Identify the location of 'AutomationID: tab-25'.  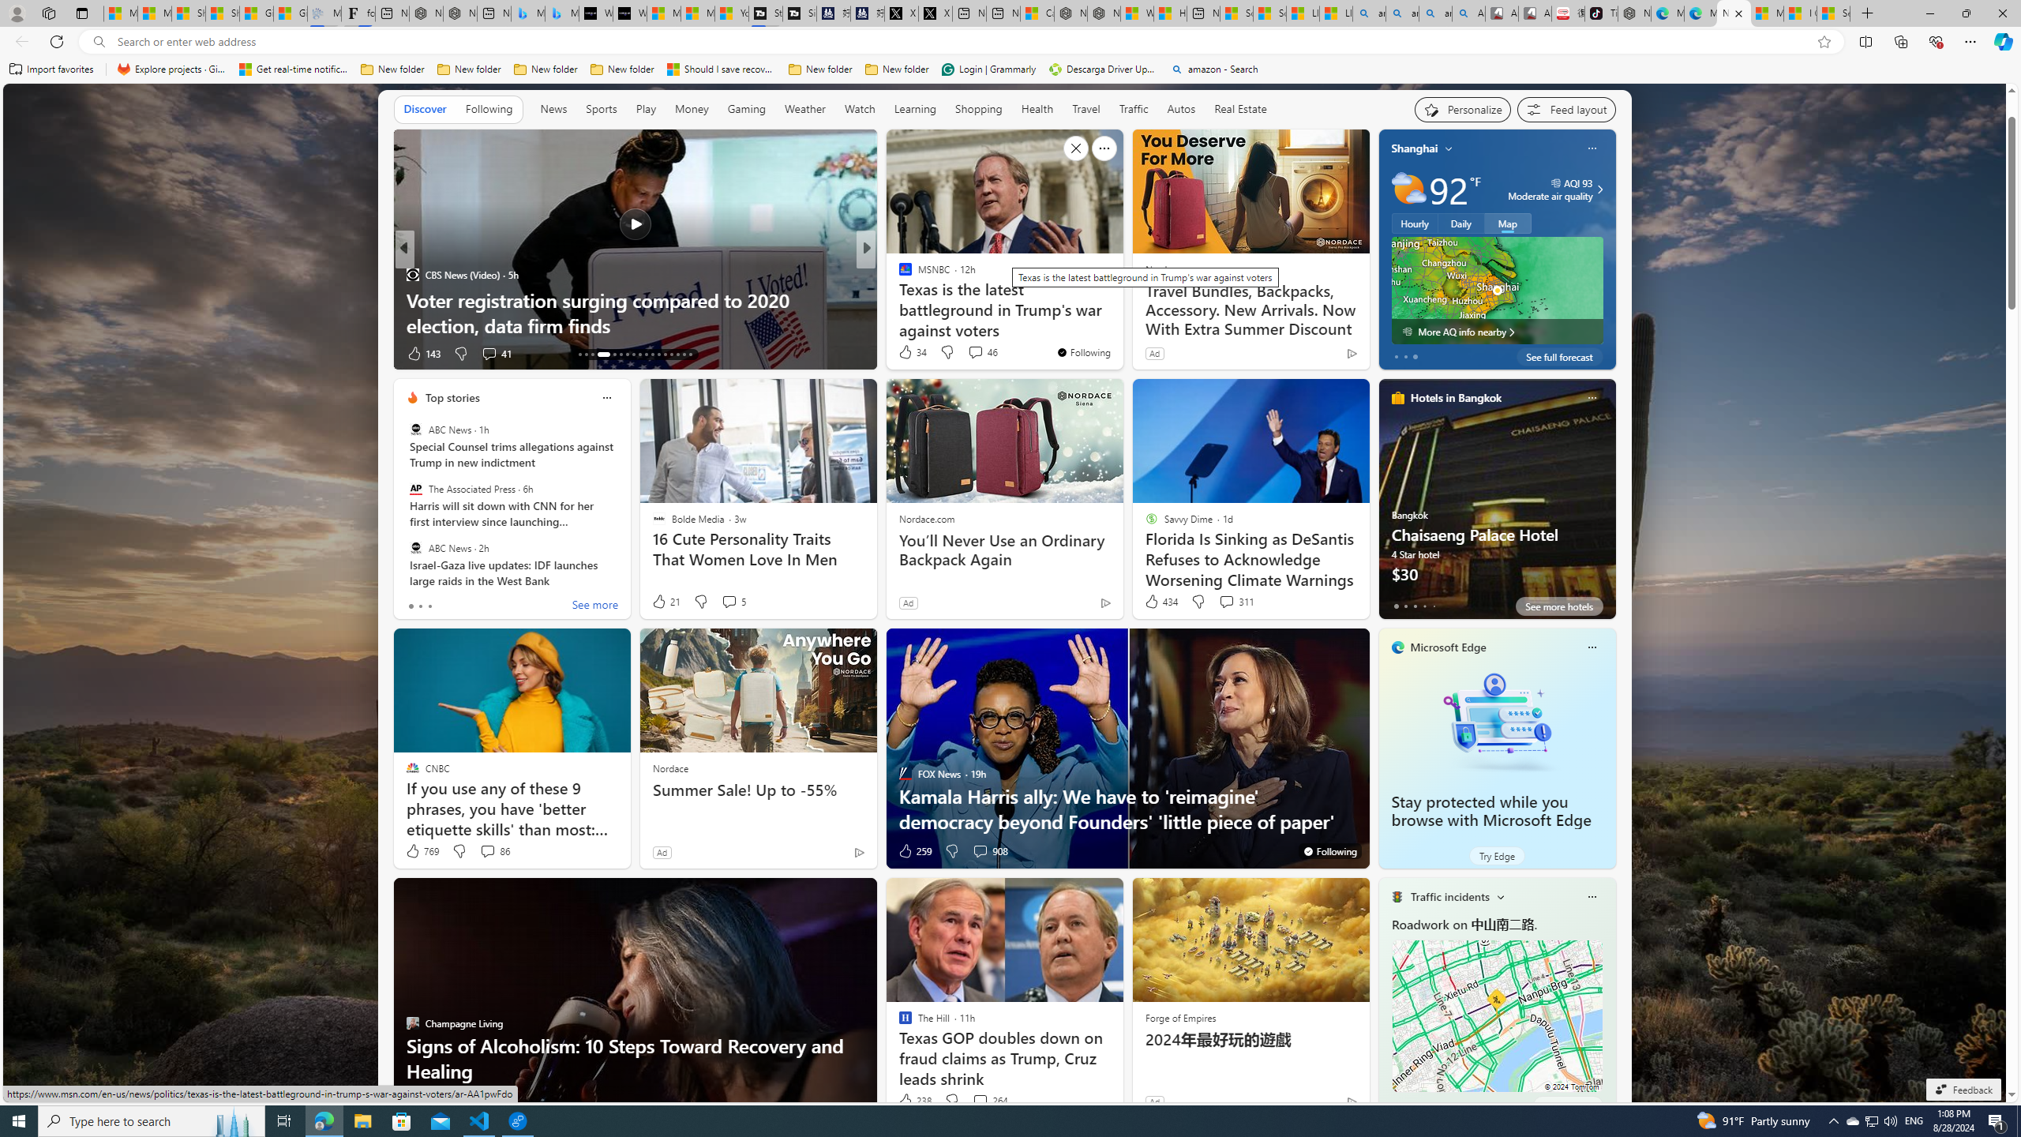
(664, 354).